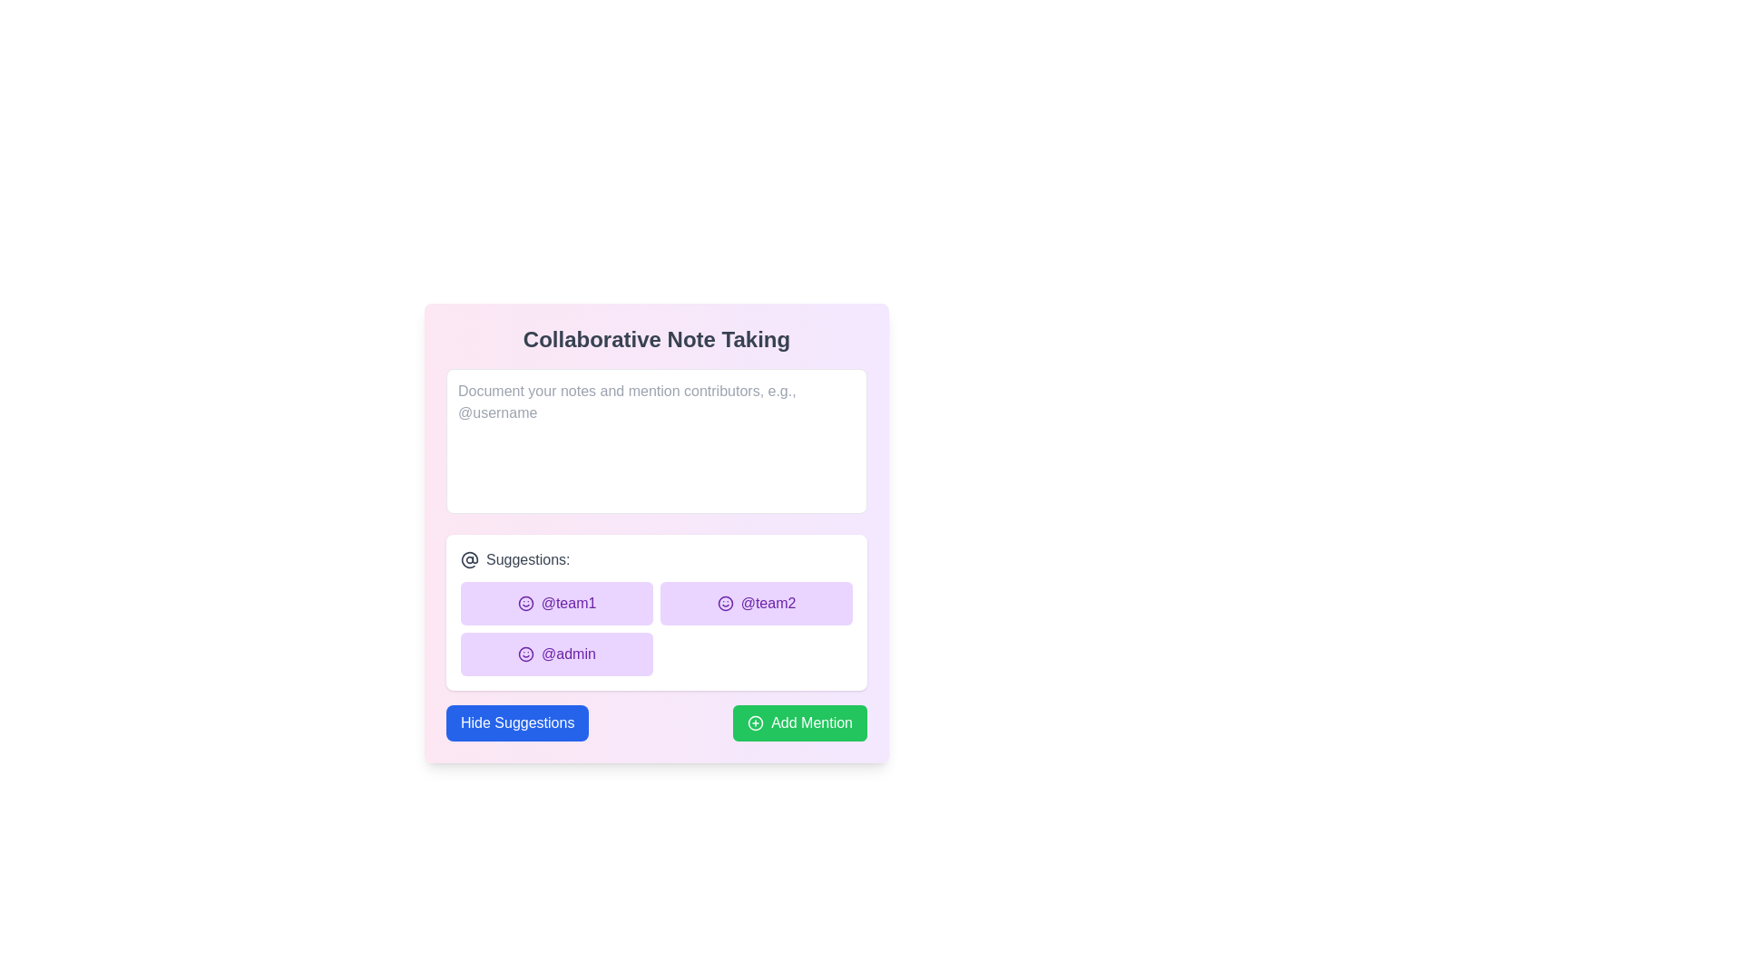 The width and height of the screenshot is (1742, 979). What do you see at coordinates (524, 604) in the screenshot?
I see `the circle component of the smile icon located in the suggestions area beneath the text input field, positioned to the left of mention buttons` at bounding box center [524, 604].